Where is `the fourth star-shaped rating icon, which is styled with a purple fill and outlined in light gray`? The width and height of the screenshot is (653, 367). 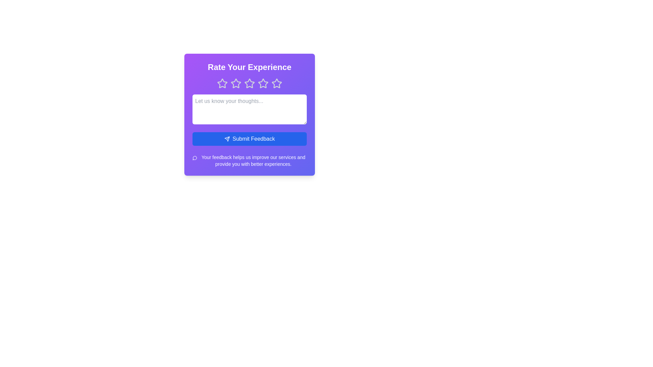 the fourth star-shaped rating icon, which is styled with a purple fill and outlined in light gray is located at coordinates (277, 83).